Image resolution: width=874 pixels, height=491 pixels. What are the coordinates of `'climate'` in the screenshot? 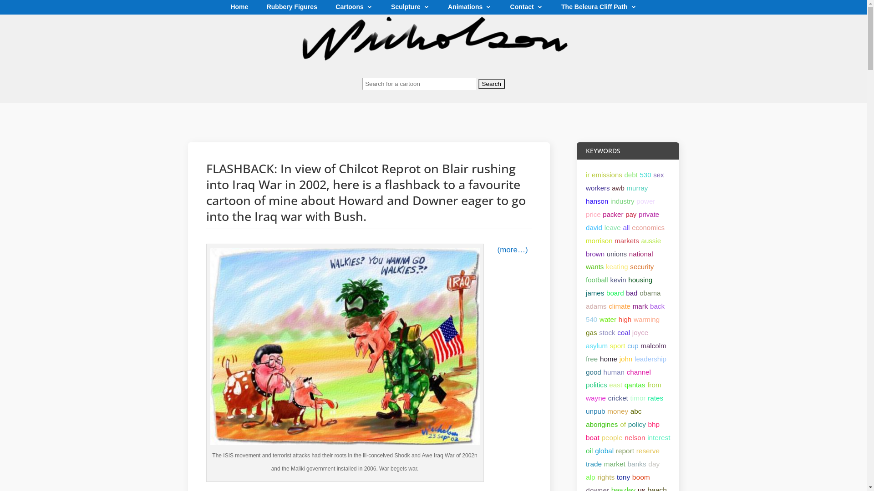 It's located at (619, 306).